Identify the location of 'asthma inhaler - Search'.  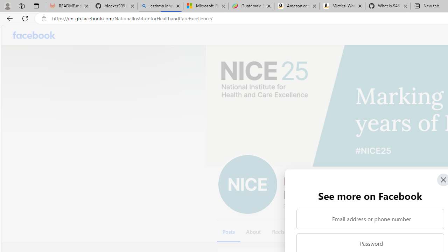
(160, 6).